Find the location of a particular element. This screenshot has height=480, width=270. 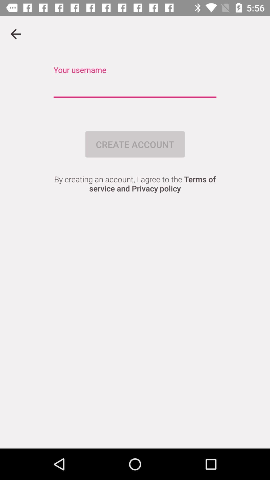

type the username is located at coordinates (135, 87).